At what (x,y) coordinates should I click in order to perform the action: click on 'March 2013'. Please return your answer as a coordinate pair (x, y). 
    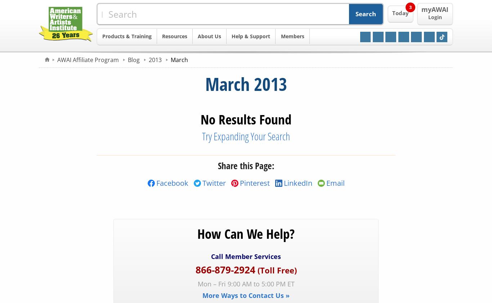
    Looking at the image, I should click on (245, 84).